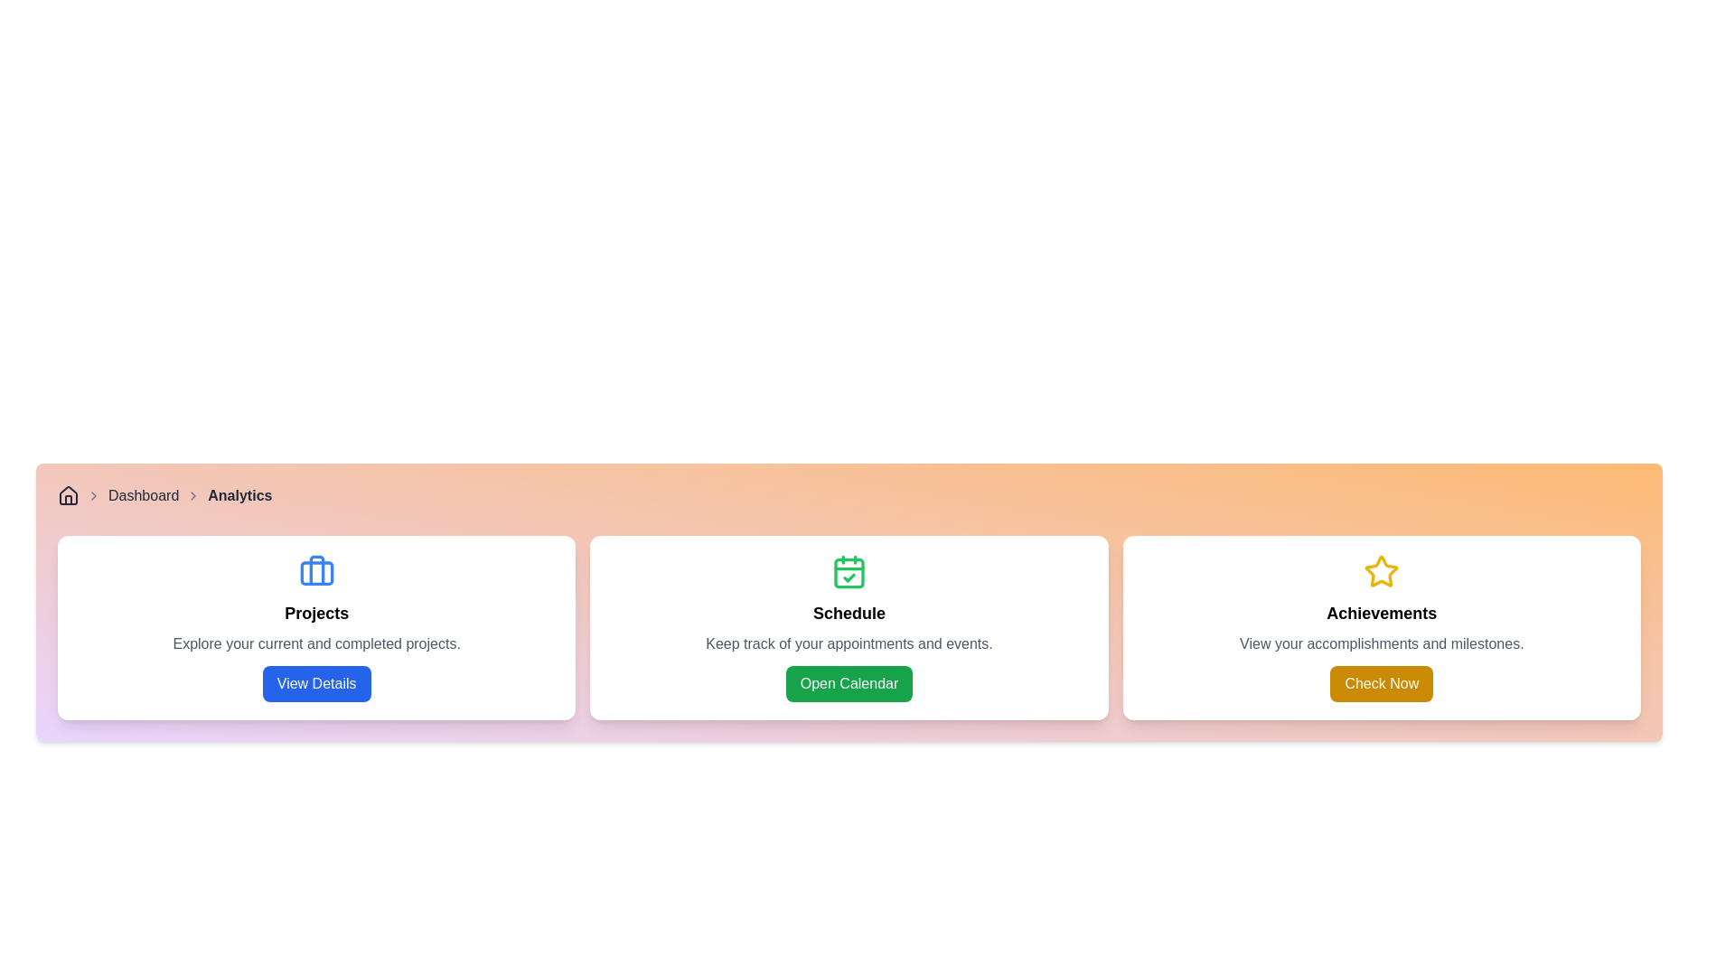 This screenshot has height=976, width=1735. What do you see at coordinates (849, 612) in the screenshot?
I see `the 'Schedule' text element, which serves as the heading for the scheduling card, located in the top-center of the middle card in a three-card layout` at bounding box center [849, 612].